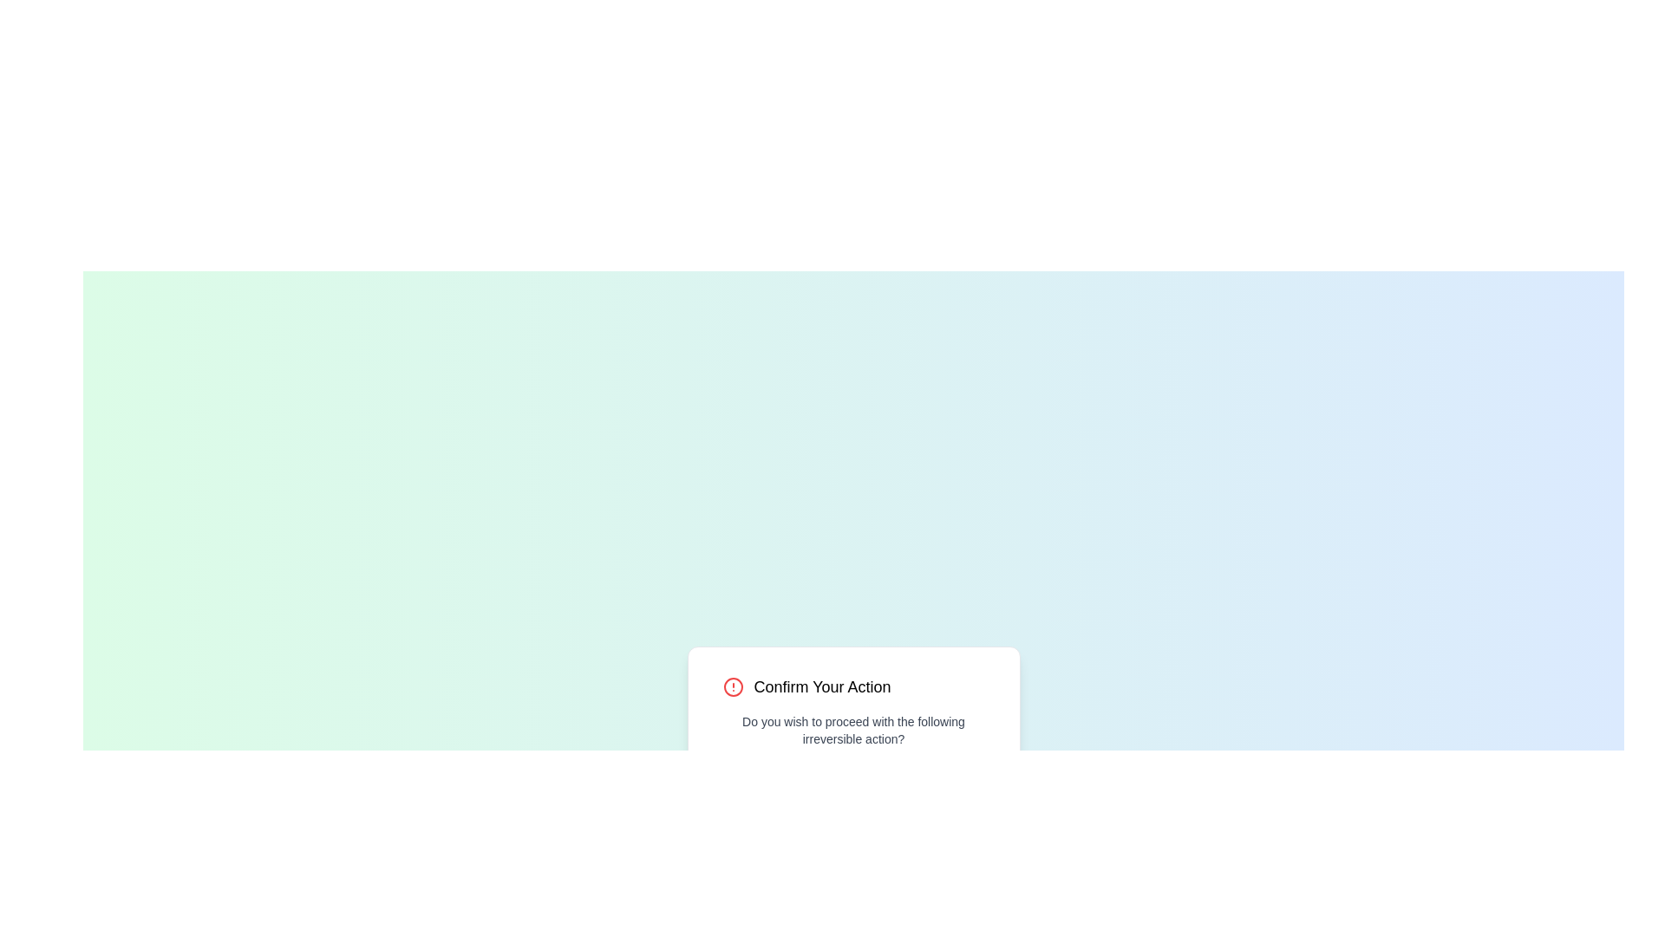 The image size is (1665, 936). I want to click on the message displayed on the label with the alert icon that reads 'Confirm Your Action', which is located at the top of the modal dialog, so click(853, 686).